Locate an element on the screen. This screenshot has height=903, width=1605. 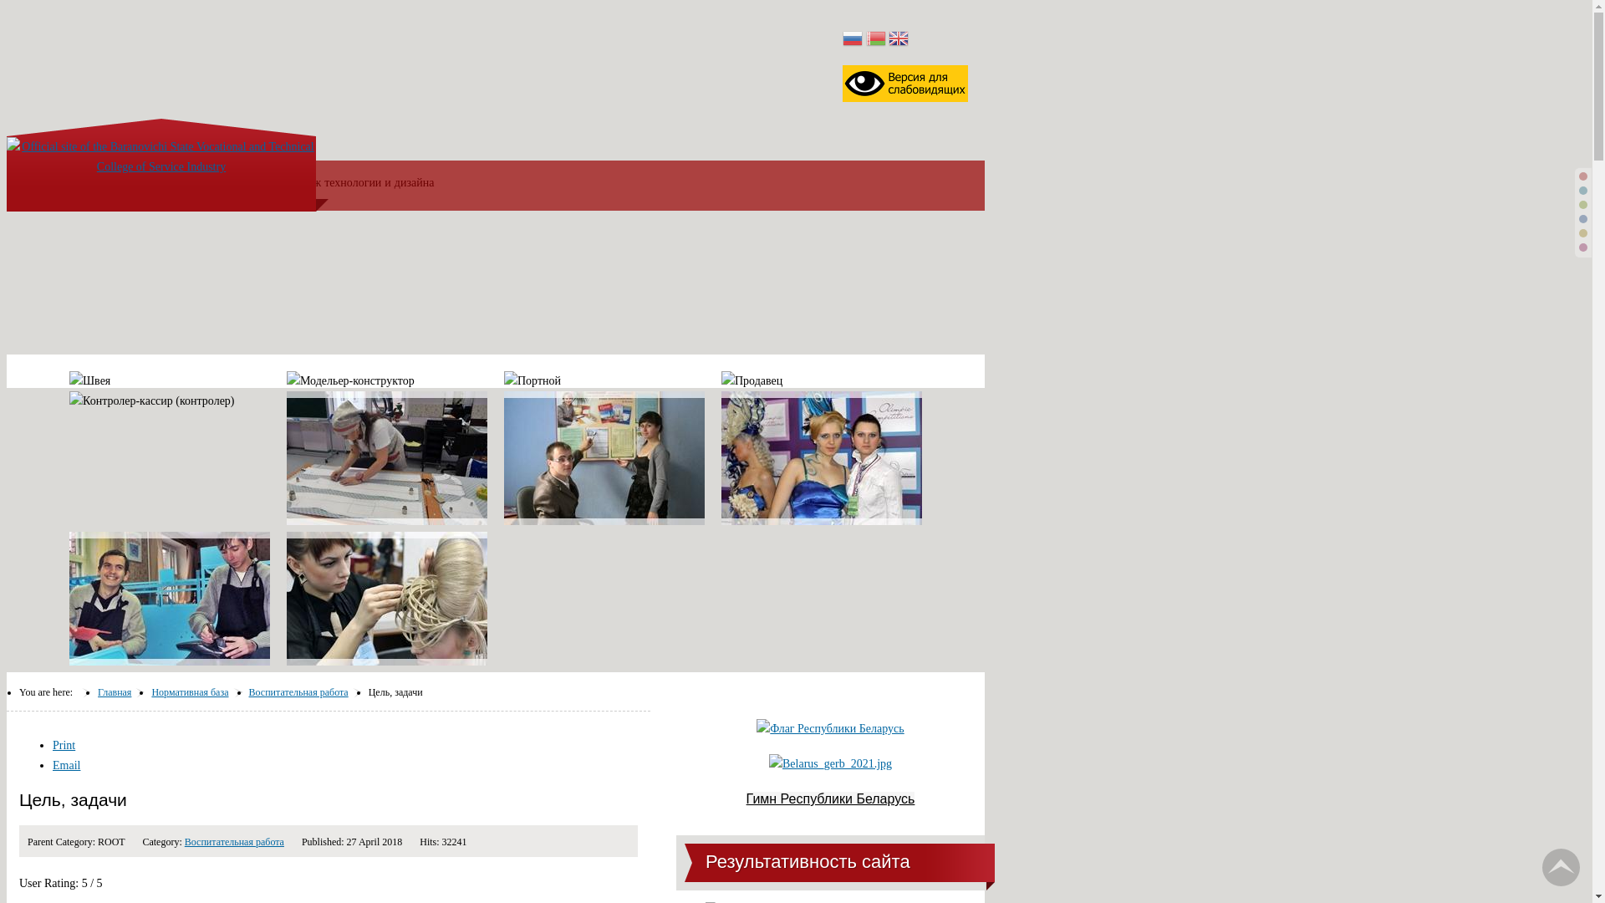
'Print' is located at coordinates (64, 744).